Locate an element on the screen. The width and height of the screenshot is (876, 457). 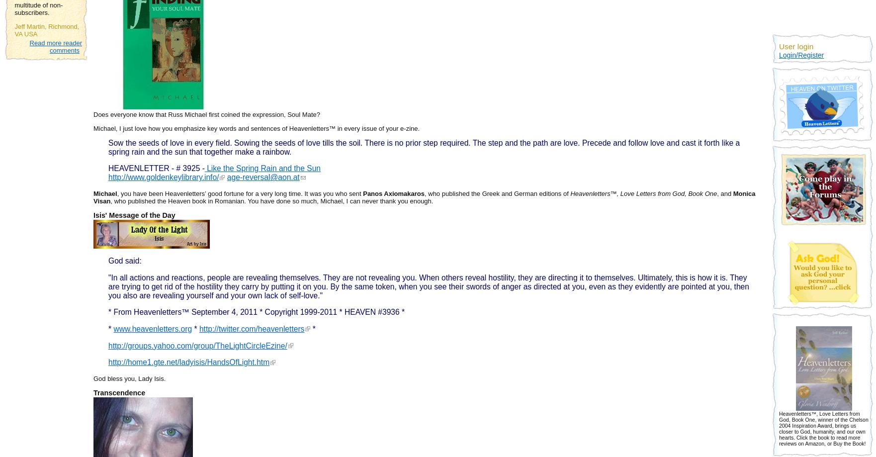
'http://groups.yahoo.com/group/TheLightCircleEzine/' is located at coordinates (197, 345).